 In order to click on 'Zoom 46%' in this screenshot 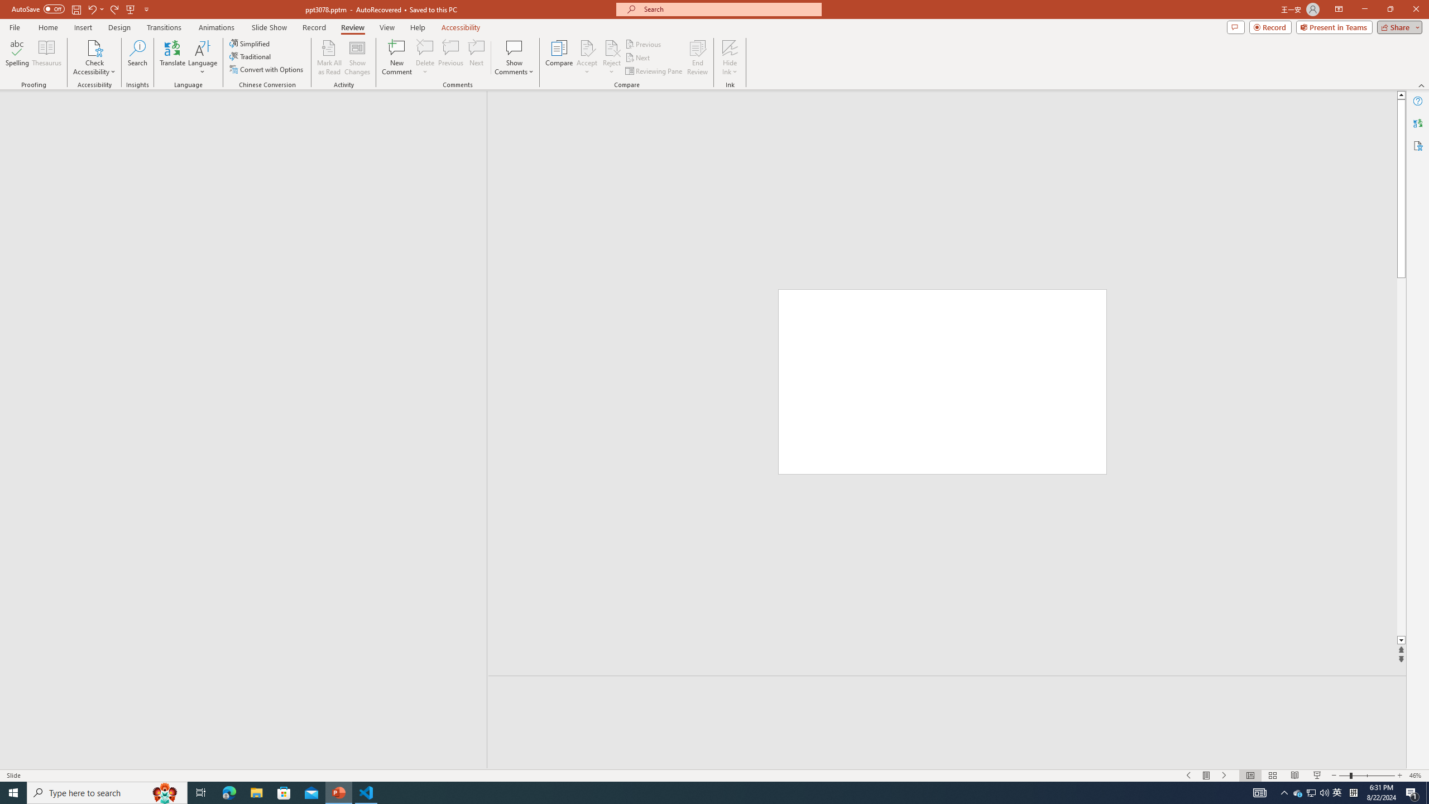, I will do `click(1416, 776)`.